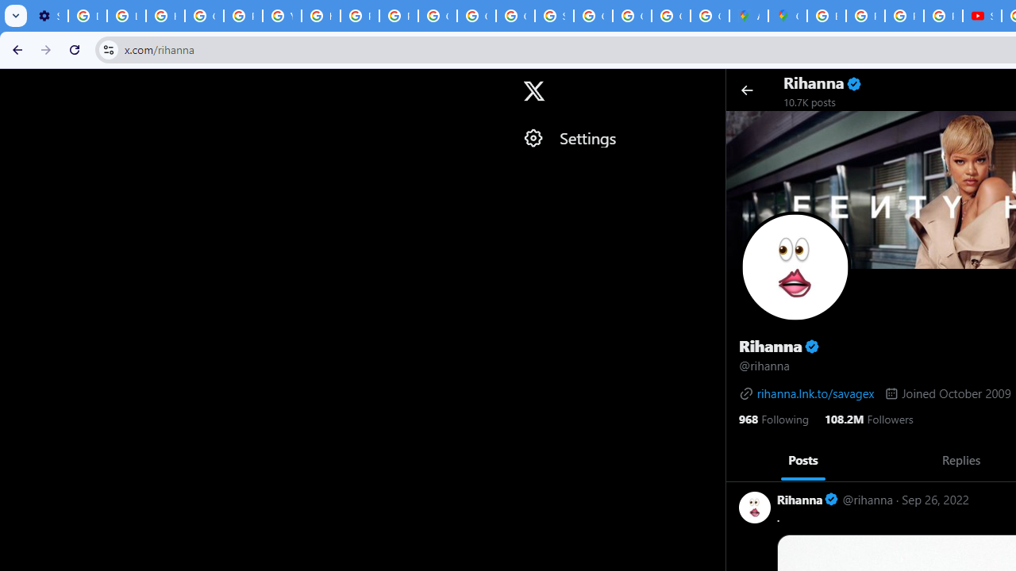 This screenshot has width=1016, height=571. I want to click on 'Skip to home timeline', so click(13, 83).